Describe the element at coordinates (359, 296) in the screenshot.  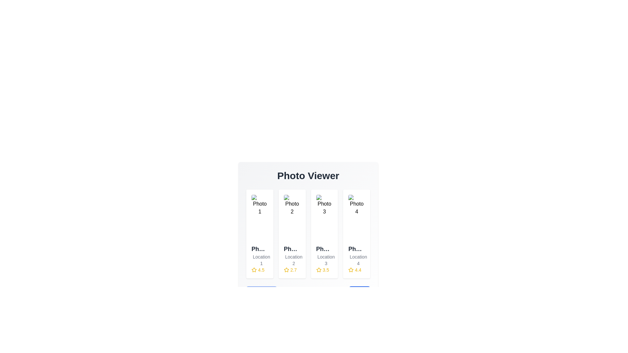
I see `the navigation button located at the bottom right corner of the interface` at that location.